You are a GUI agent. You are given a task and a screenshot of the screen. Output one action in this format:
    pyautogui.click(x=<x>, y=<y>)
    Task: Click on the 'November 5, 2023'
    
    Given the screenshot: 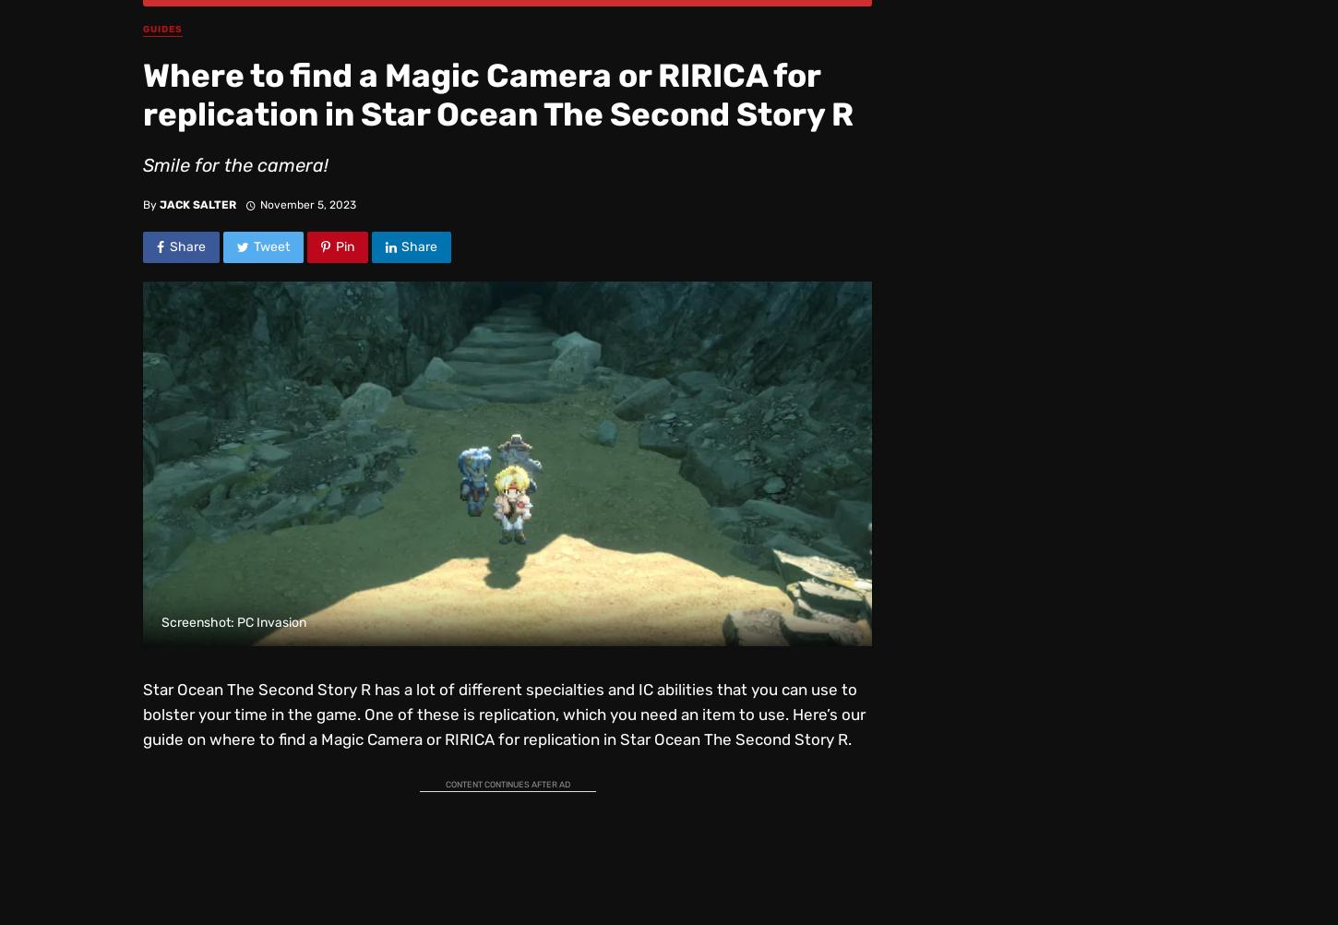 What is the action you would take?
    pyautogui.click(x=307, y=205)
    